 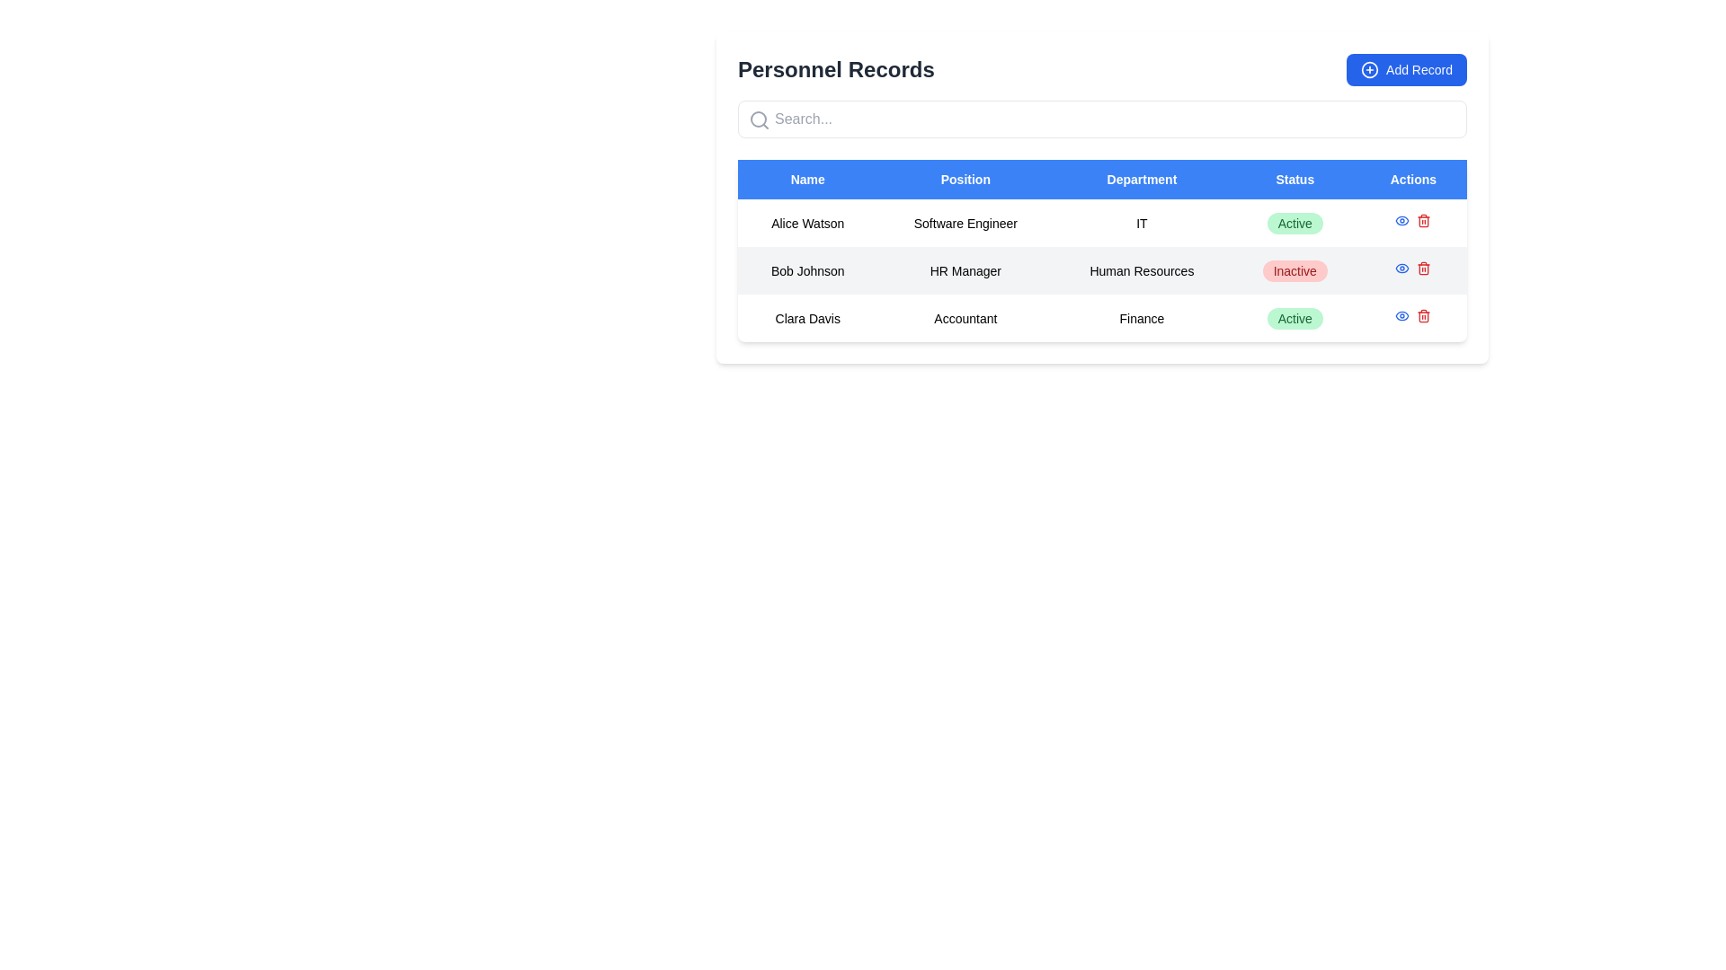 What do you see at coordinates (1423, 269) in the screenshot?
I see `the delete button in the 'Actions' column of the personnel records table` at bounding box center [1423, 269].